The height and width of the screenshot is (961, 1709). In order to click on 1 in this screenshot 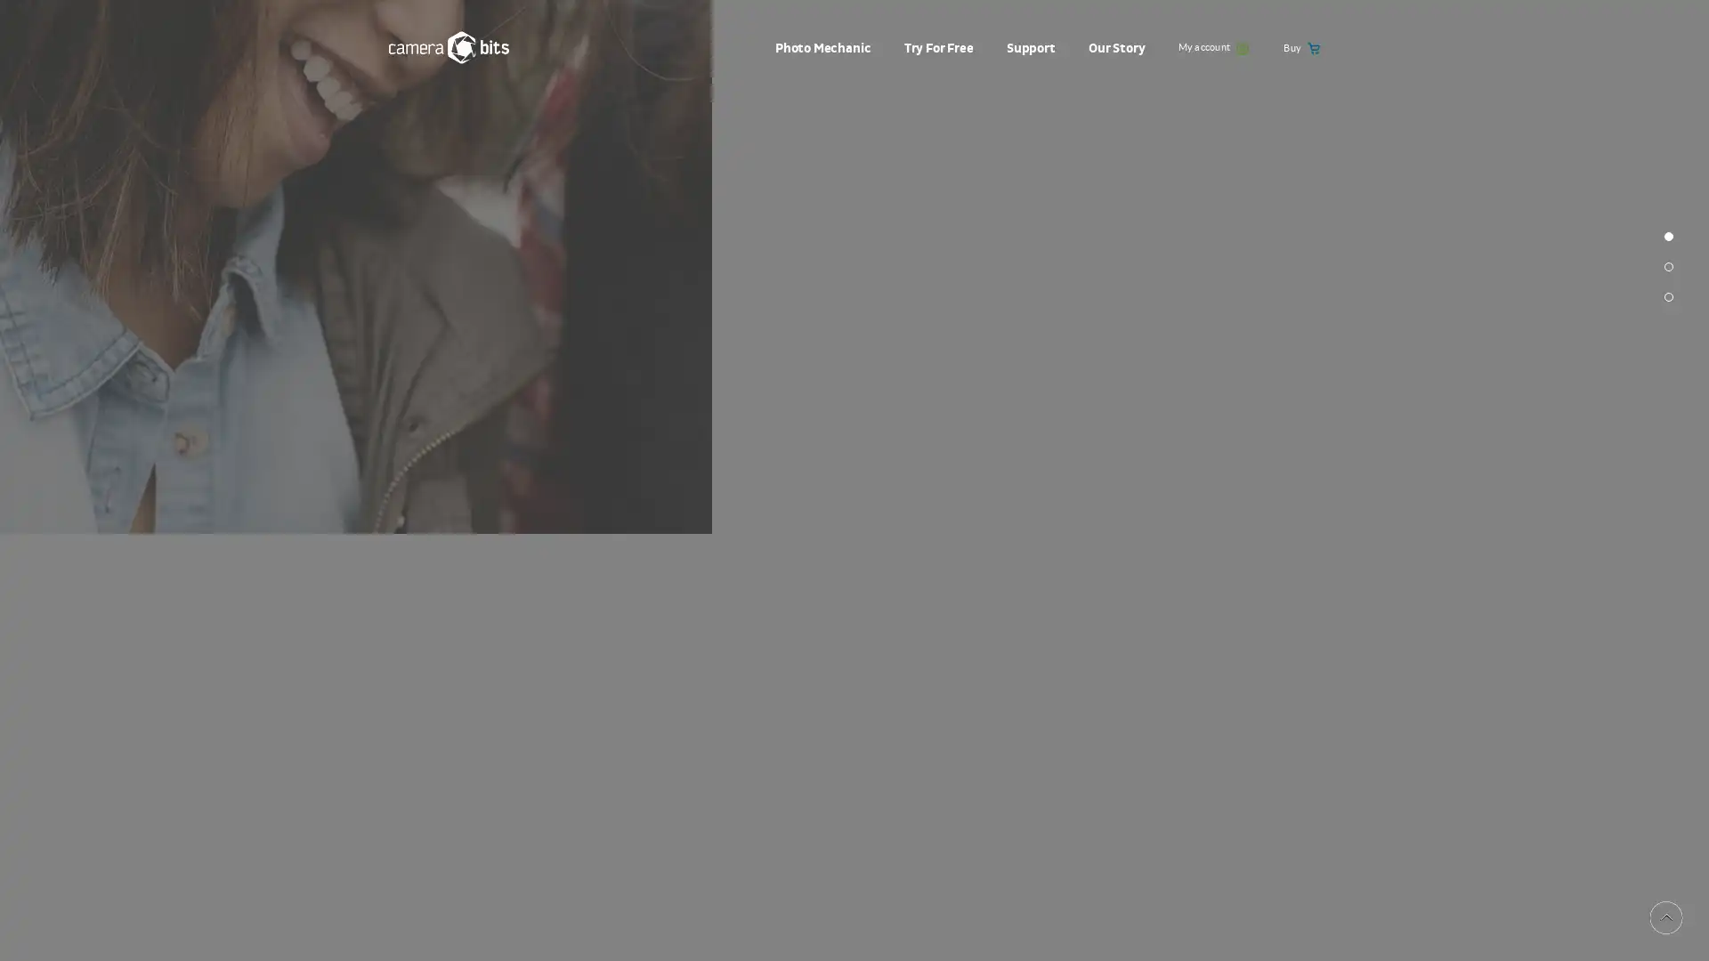, I will do `click(1668, 448)`.